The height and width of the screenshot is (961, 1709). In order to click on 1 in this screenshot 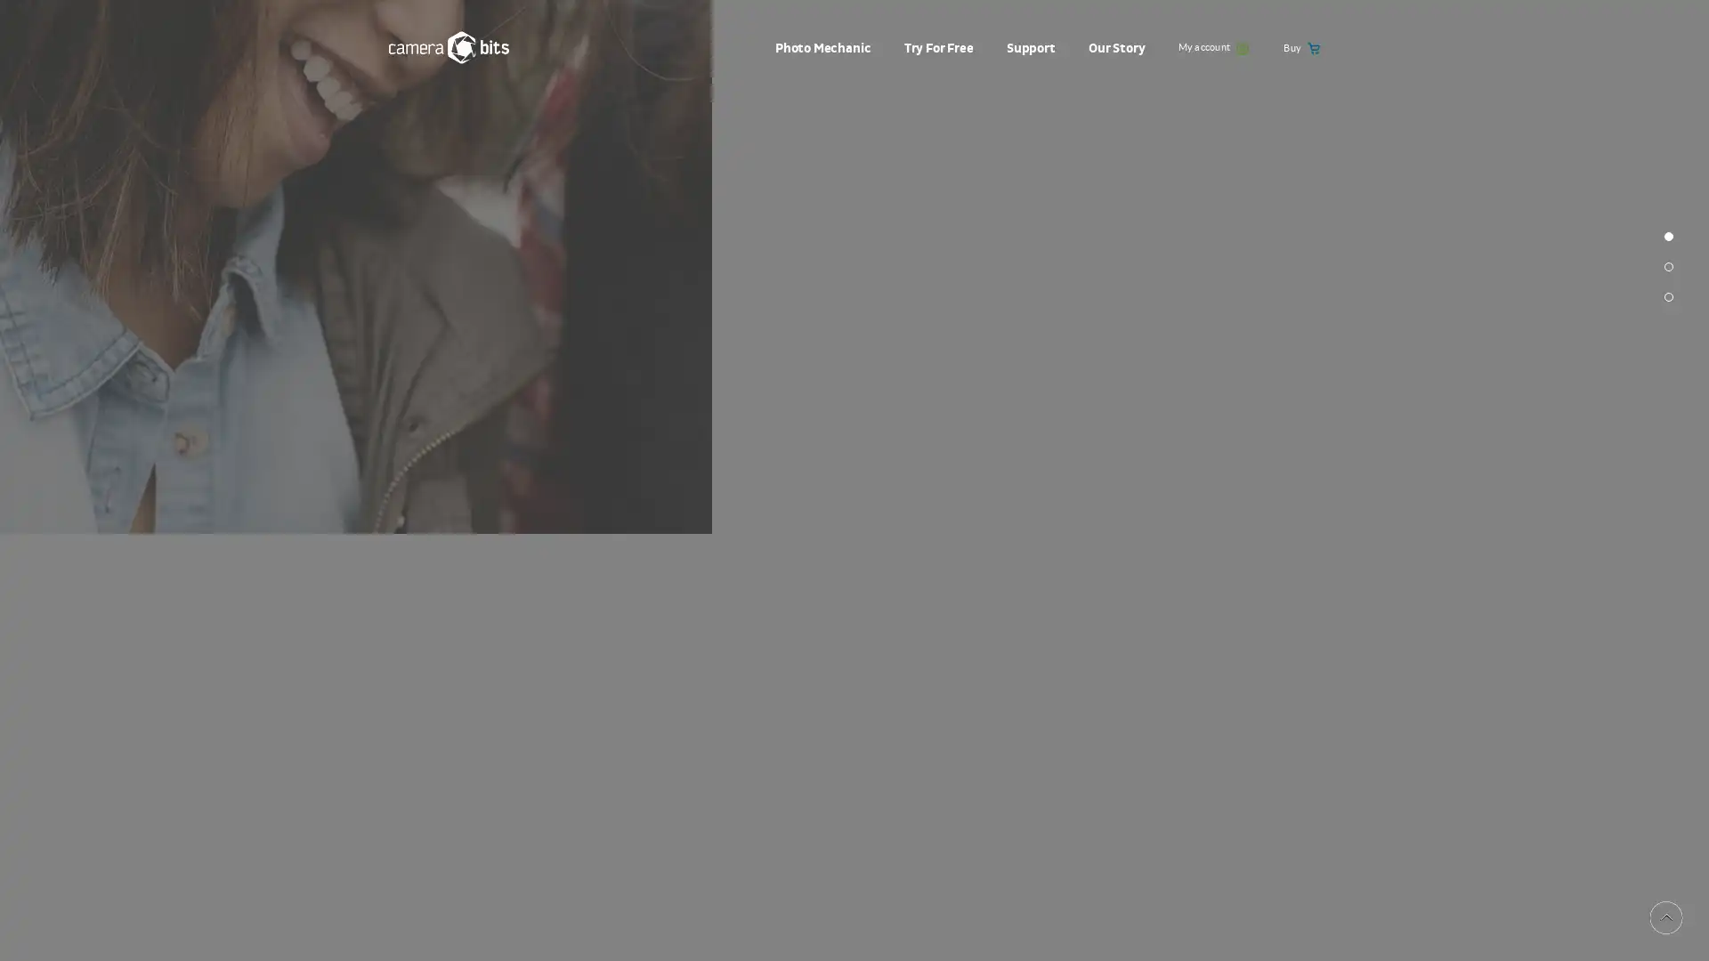, I will do `click(1668, 448)`.